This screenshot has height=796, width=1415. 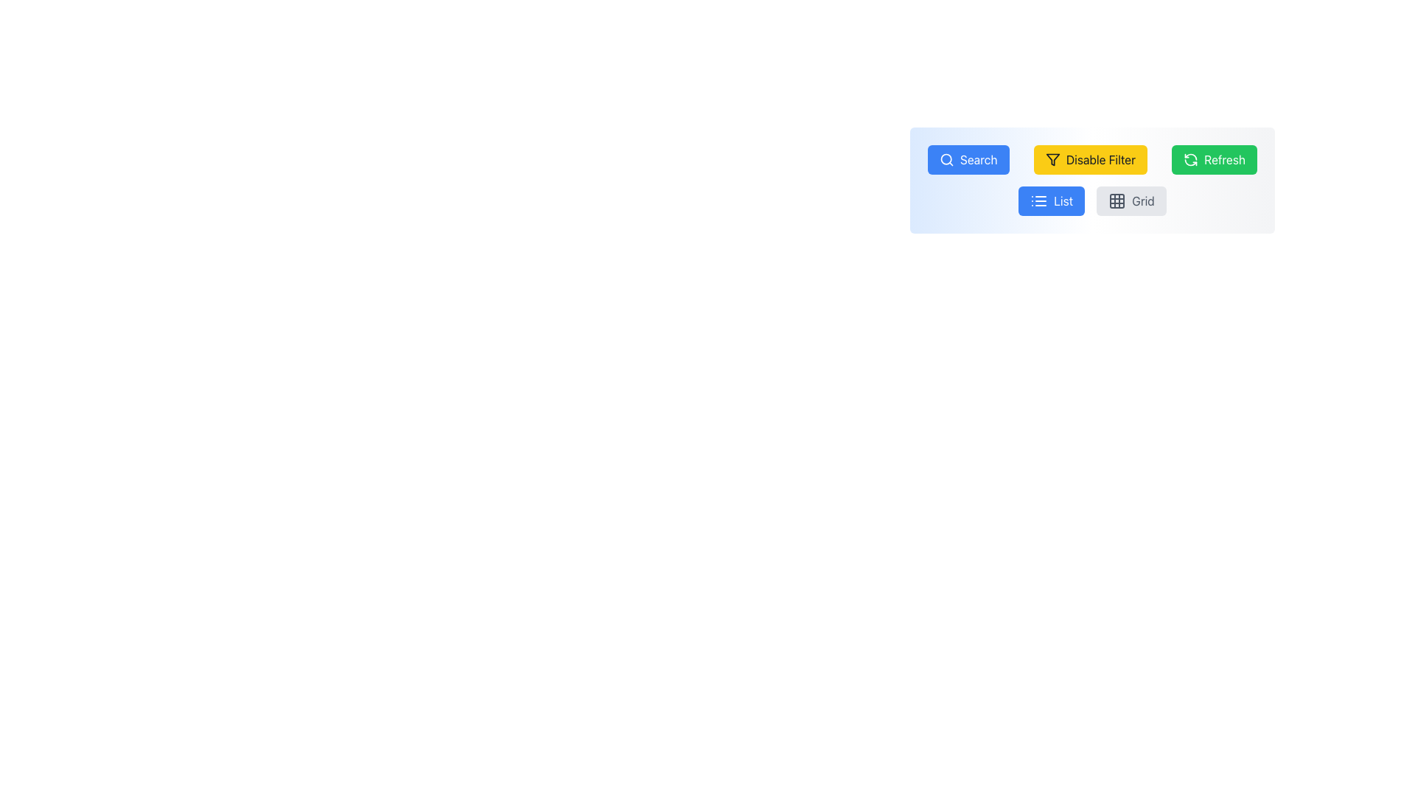 What do you see at coordinates (1092, 201) in the screenshot?
I see `the 'Grid' button in the toggle buttons group` at bounding box center [1092, 201].